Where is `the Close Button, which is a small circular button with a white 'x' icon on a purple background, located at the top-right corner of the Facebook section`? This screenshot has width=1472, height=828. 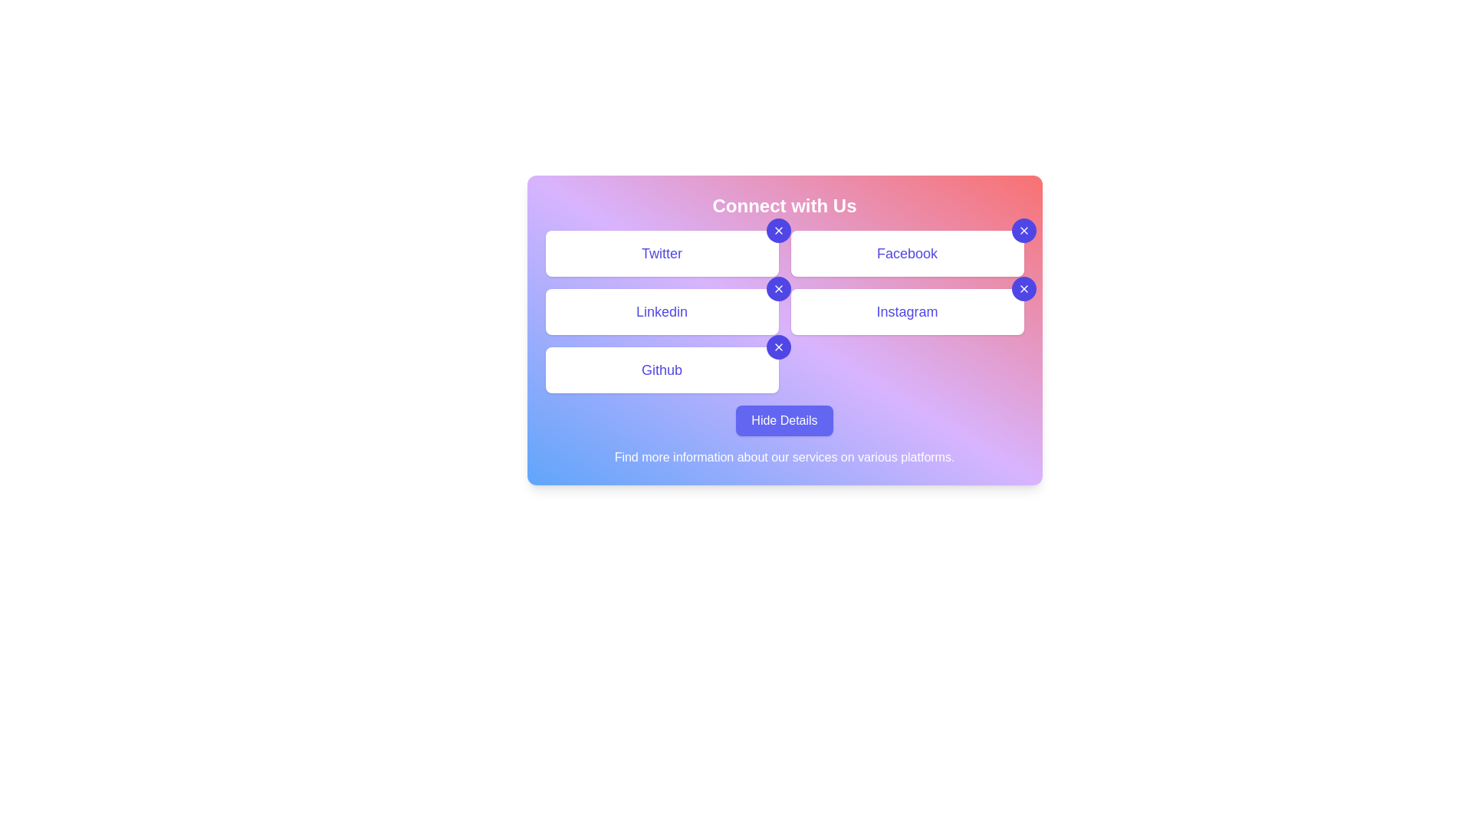
the Close Button, which is a small circular button with a white 'x' icon on a purple background, located at the top-right corner of the Facebook section is located at coordinates (1024, 230).